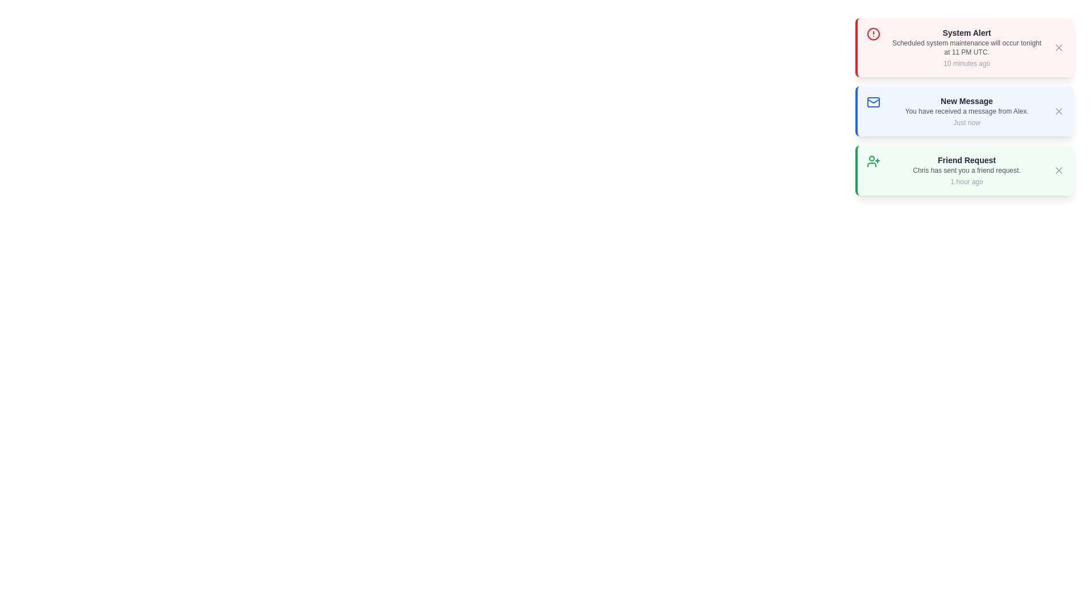 Image resolution: width=1092 pixels, height=614 pixels. I want to click on the green user profile icon with a '+' sign located in the notification panel for 'Friend Request', adjacent to the text 'Friend Request', so click(873, 161).